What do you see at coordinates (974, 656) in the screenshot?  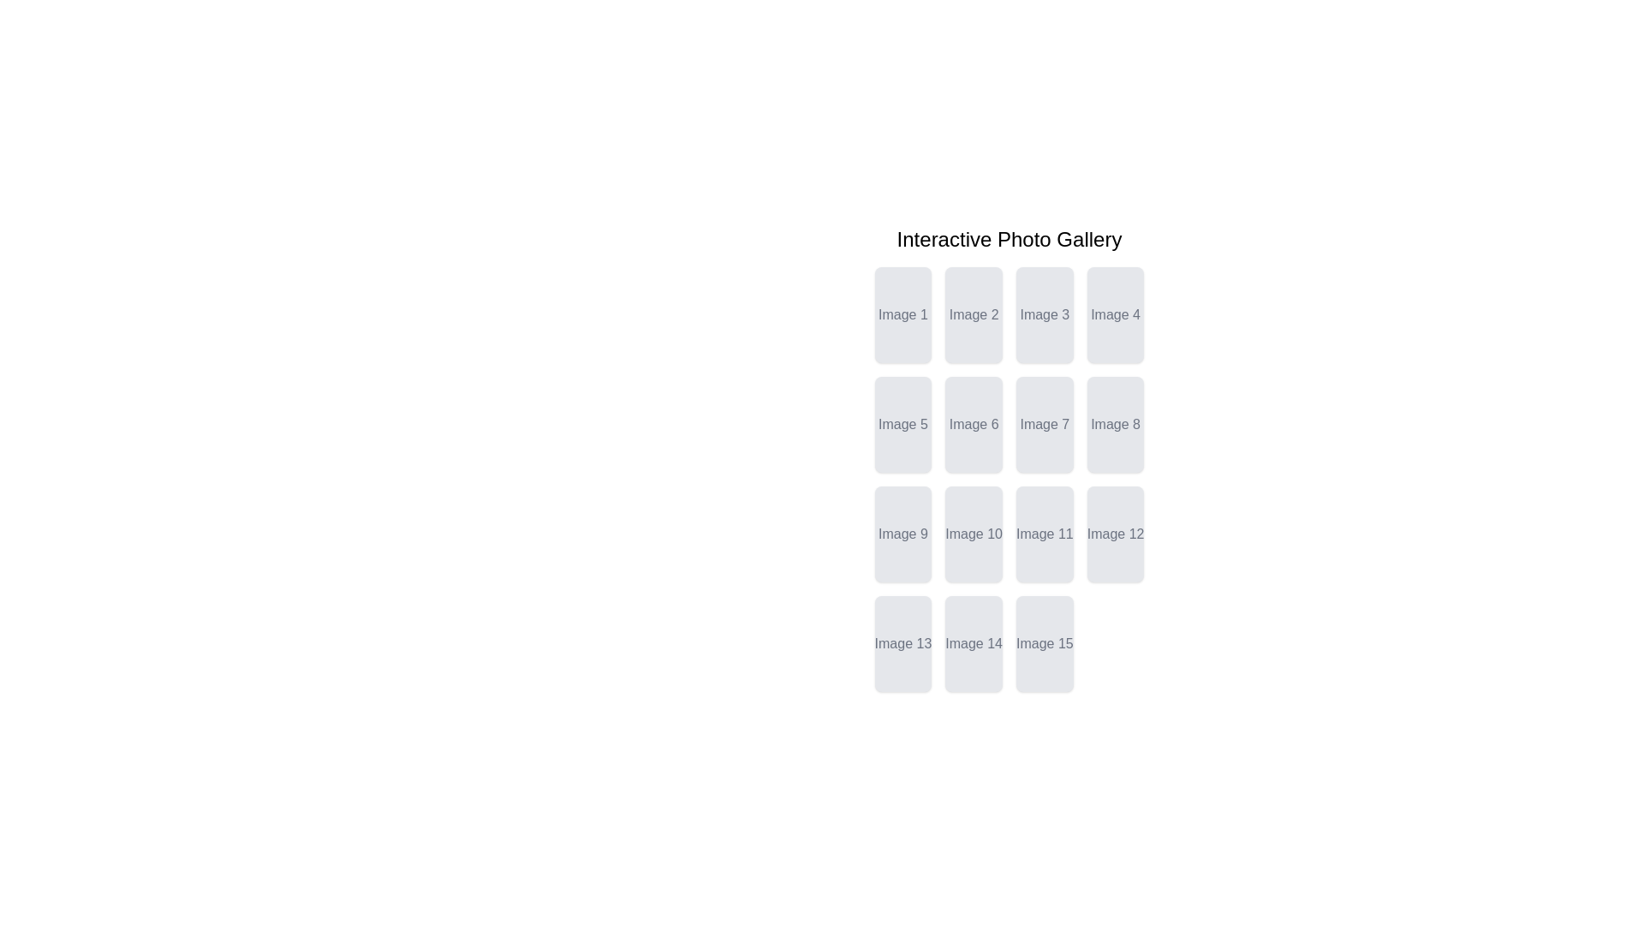 I see `the image thumbnail labeled 'Image 14'` at bounding box center [974, 656].